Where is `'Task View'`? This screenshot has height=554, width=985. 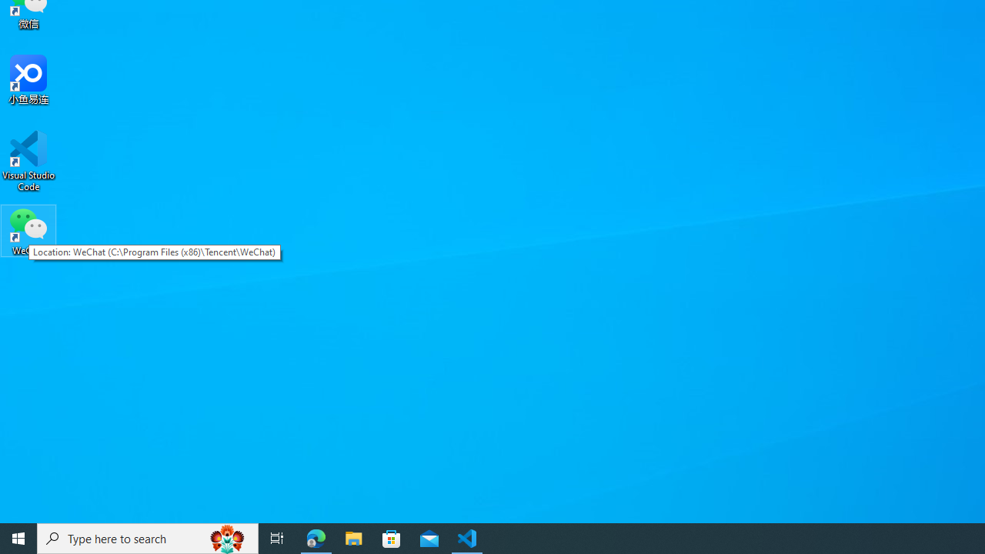
'Task View' is located at coordinates (276, 537).